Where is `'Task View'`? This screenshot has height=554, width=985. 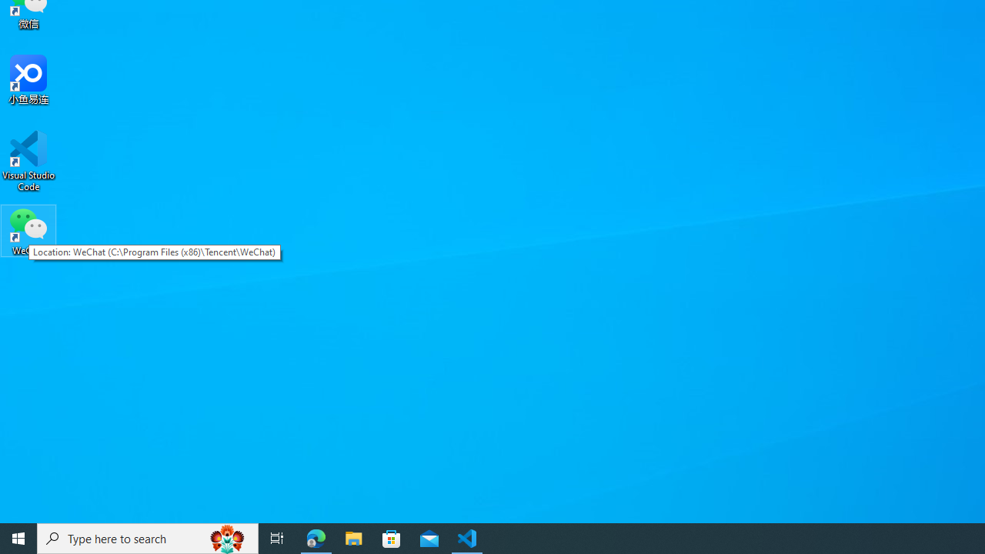
'Task View' is located at coordinates (276, 537).